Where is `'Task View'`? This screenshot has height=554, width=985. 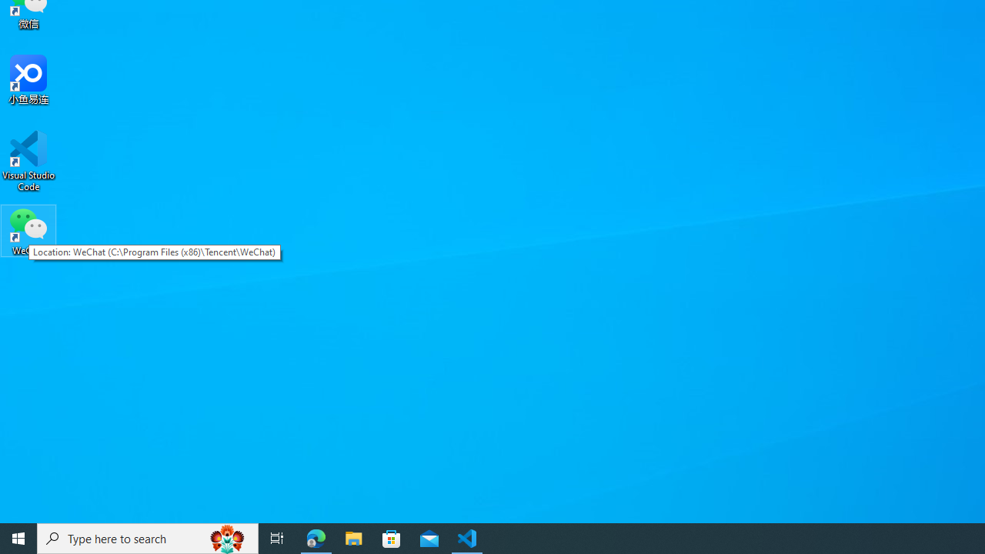
'Task View' is located at coordinates (276, 537).